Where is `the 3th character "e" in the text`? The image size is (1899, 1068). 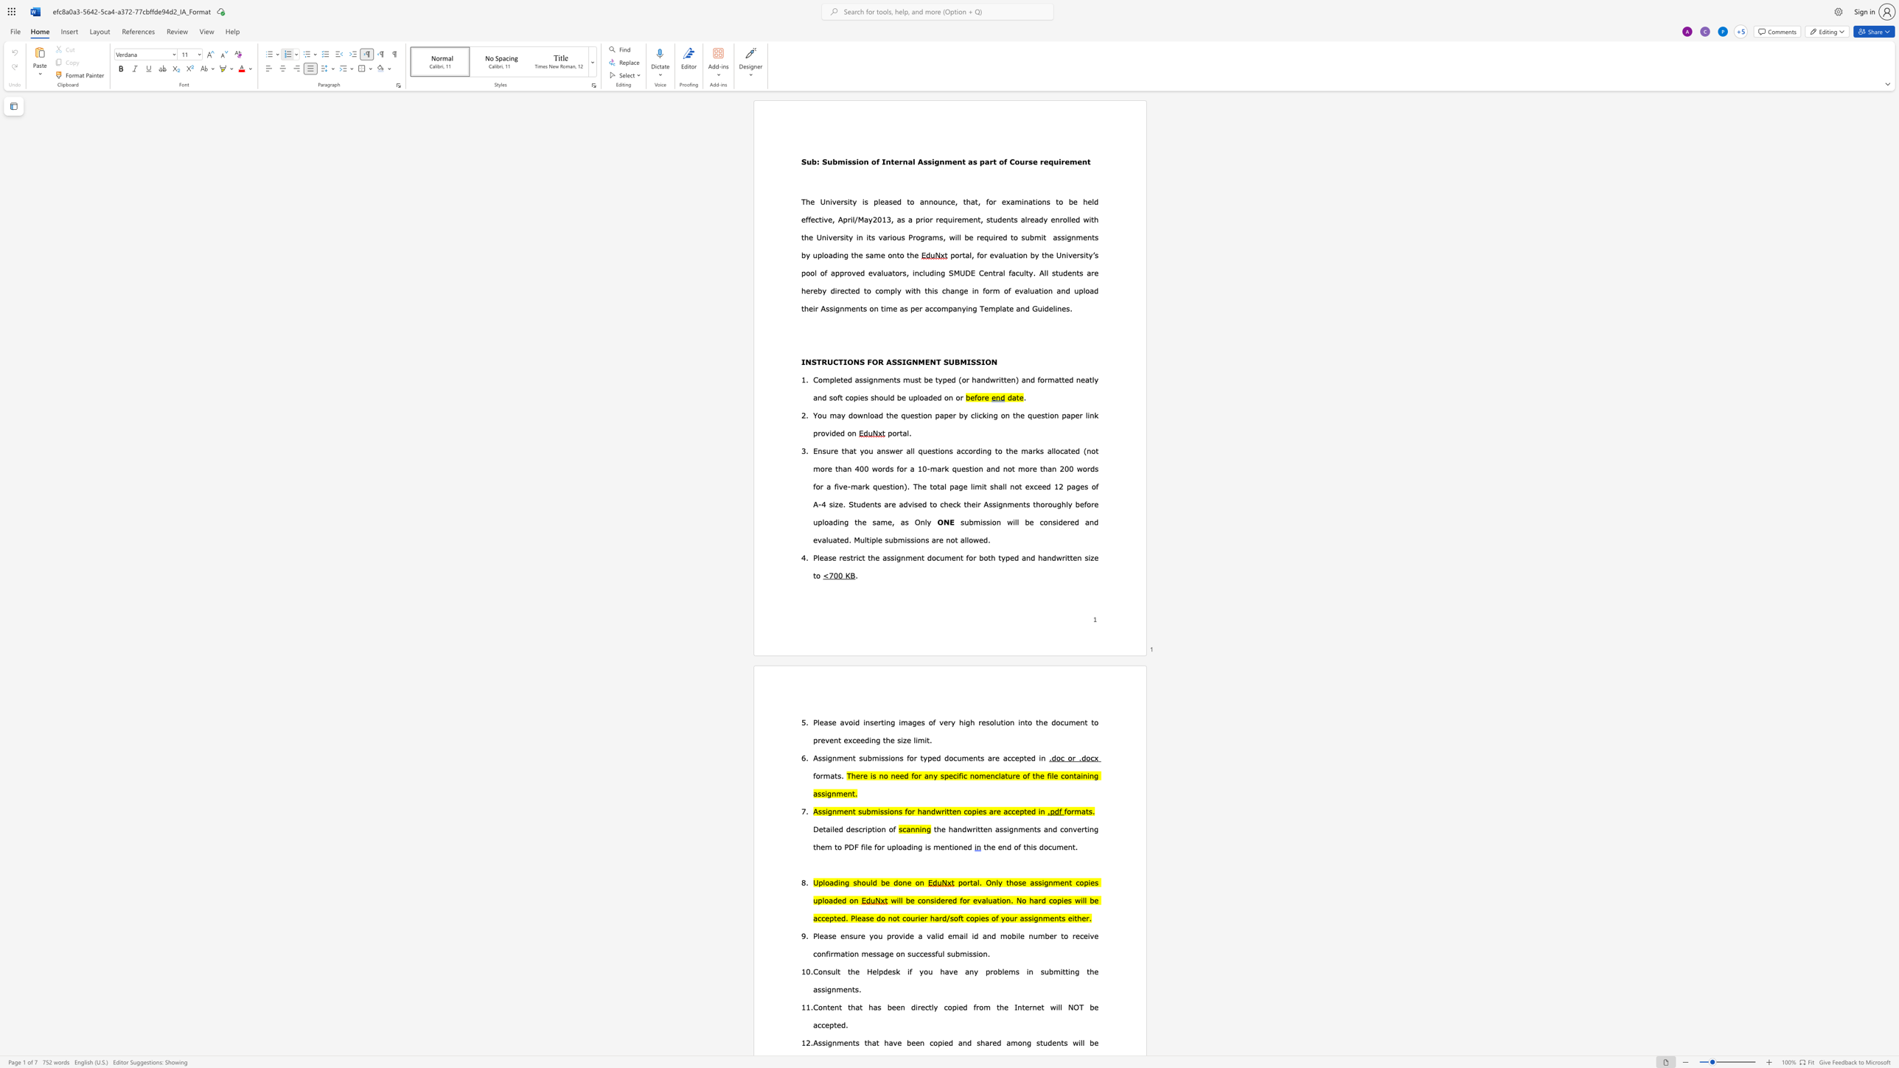
the 3th character "e" in the text is located at coordinates (1028, 757).